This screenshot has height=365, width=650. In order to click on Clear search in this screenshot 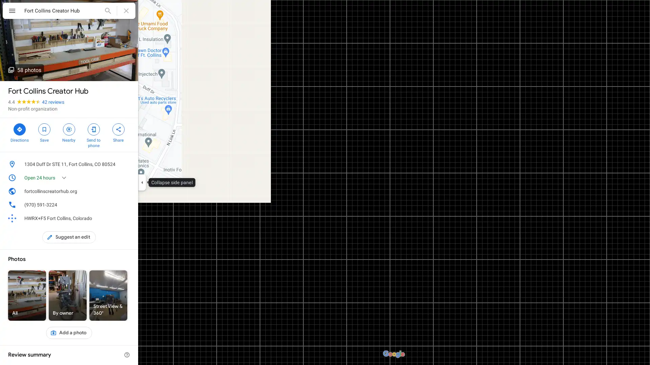, I will do `click(126, 10)`.